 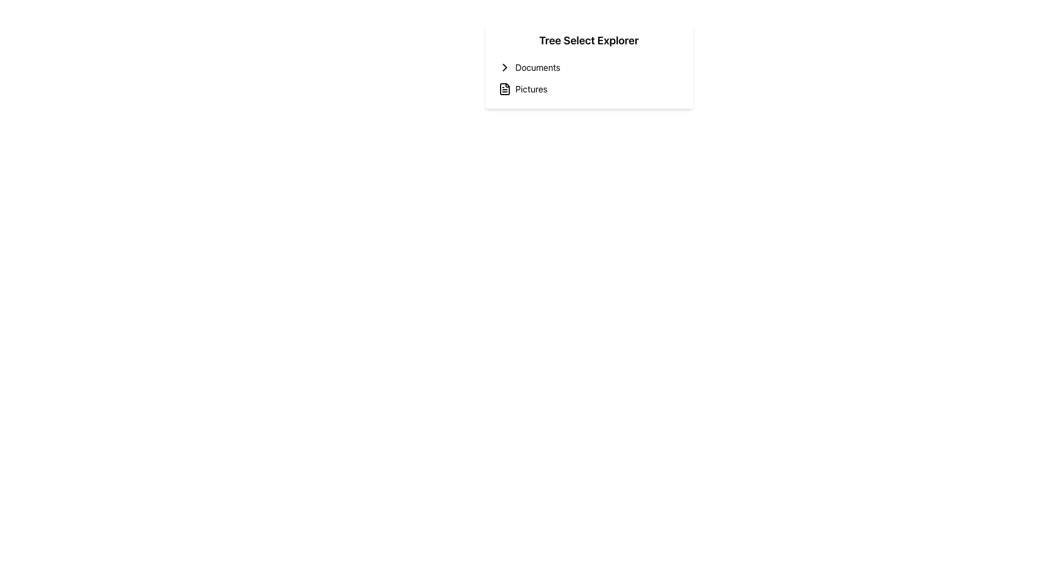 What do you see at coordinates (504, 89) in the screenshot?
I see `the small file icon located to the left of the word 'Pictures', which features a minimalist design representing a document with horizontal lines suggesting text` at bounding box center [504, 89].